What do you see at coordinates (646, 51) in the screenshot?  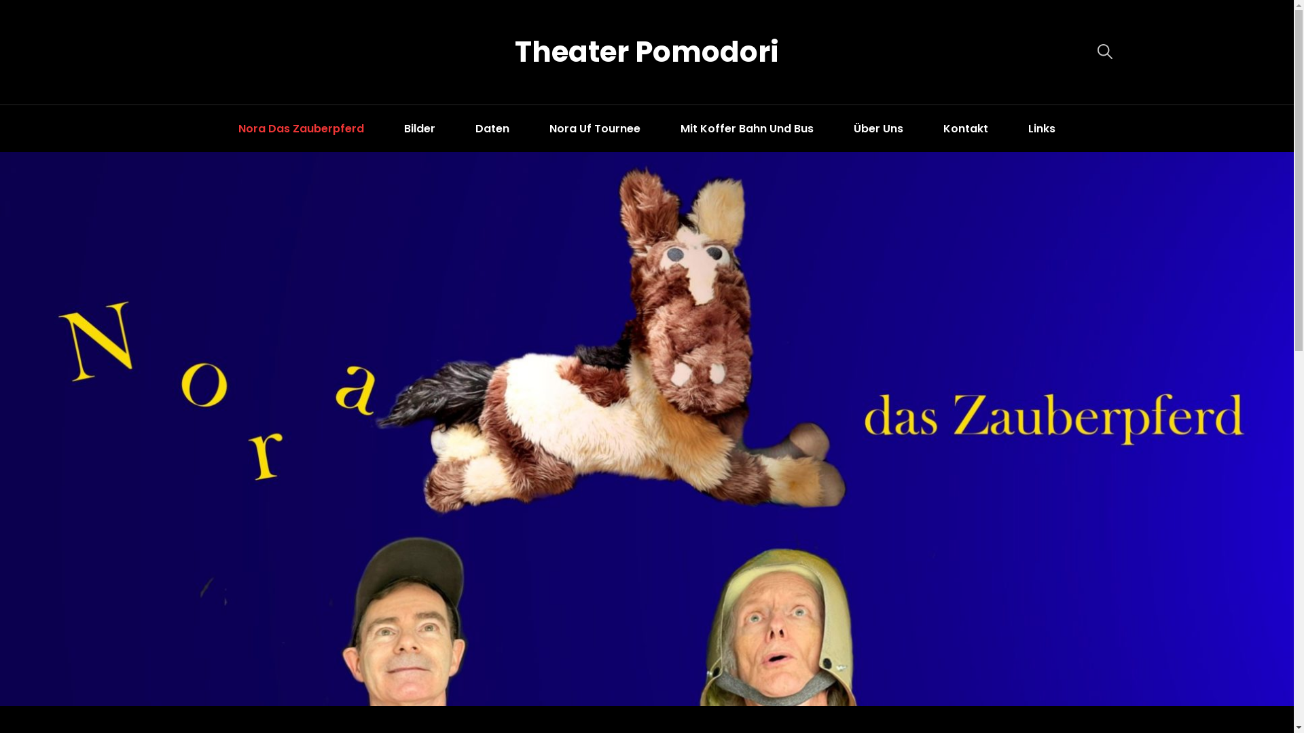 I see `'Theater Pomodori'` at bounding box center [646, 51].